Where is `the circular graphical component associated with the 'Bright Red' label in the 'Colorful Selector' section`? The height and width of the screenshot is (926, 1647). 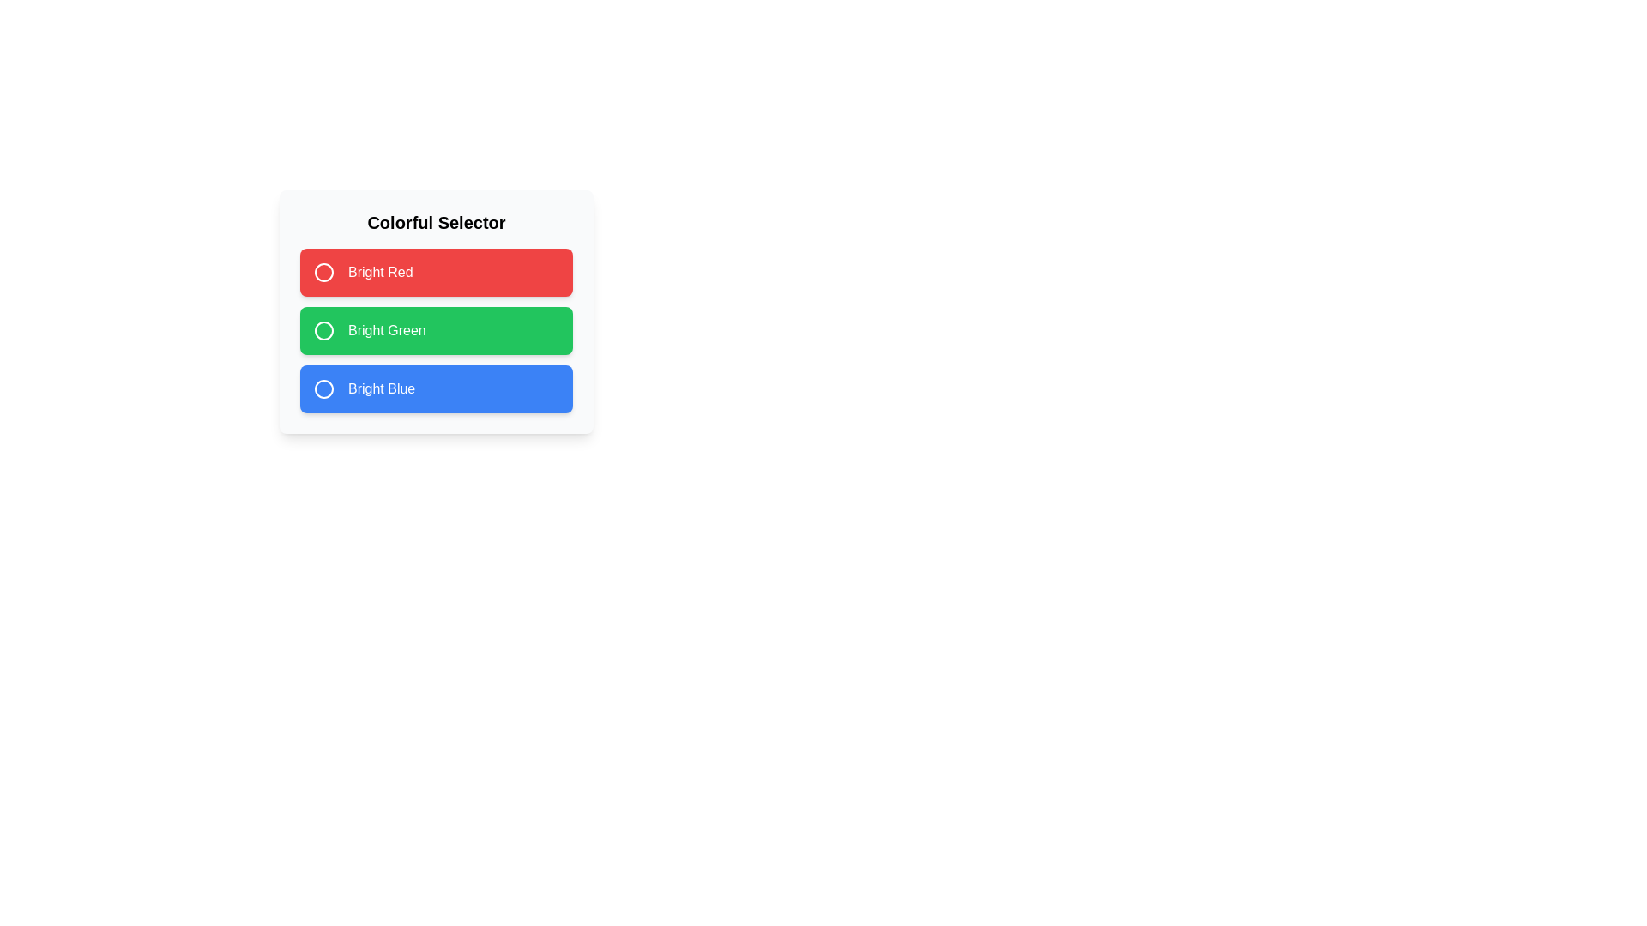
the circular graphical component associated with the 'Bright Red' label in the 'Colorful Selector' section is located at coordinates (324, 271).